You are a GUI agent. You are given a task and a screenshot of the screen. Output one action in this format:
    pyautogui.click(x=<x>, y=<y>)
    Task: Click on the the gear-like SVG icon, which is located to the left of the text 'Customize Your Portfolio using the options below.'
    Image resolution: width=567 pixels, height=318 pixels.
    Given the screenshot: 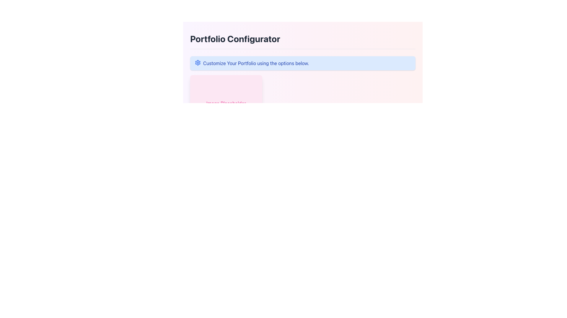 What is the action you would take?
    pyautogui.click(x=198, y=62)
    